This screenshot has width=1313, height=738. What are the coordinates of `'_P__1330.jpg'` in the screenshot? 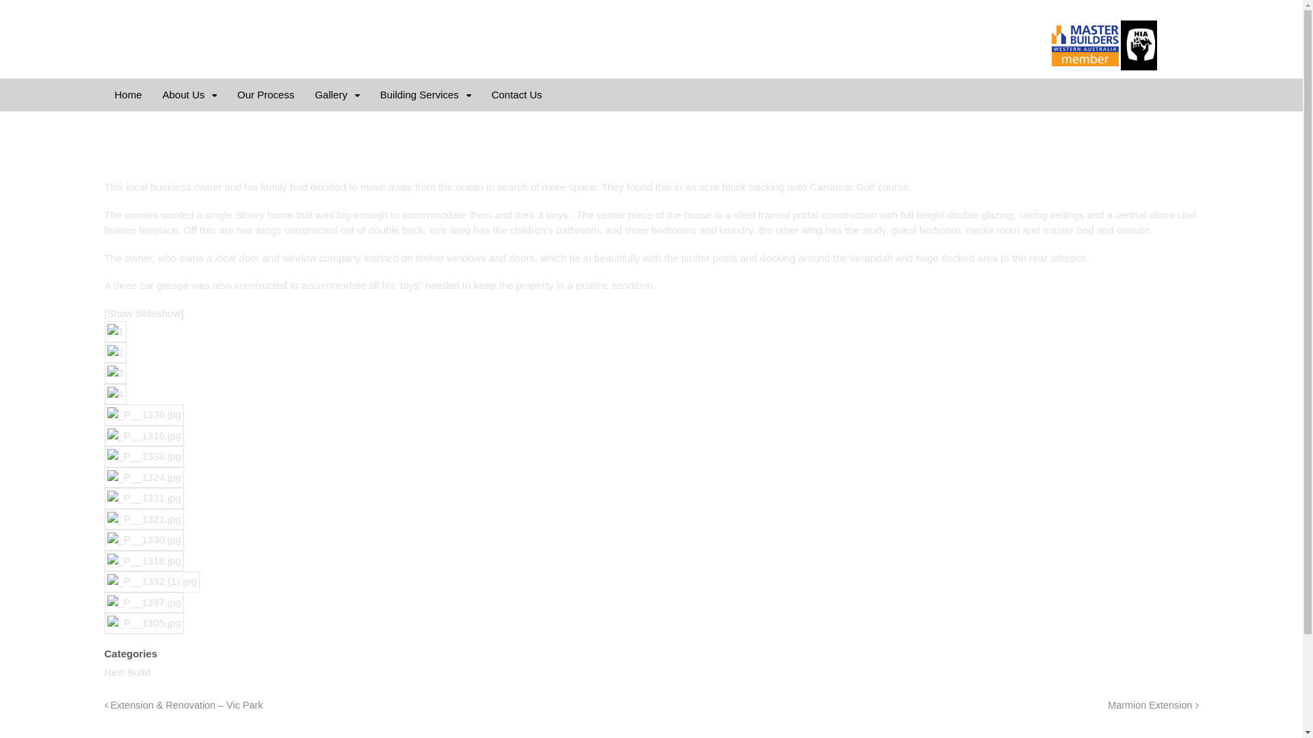 It's located at (144, 539).